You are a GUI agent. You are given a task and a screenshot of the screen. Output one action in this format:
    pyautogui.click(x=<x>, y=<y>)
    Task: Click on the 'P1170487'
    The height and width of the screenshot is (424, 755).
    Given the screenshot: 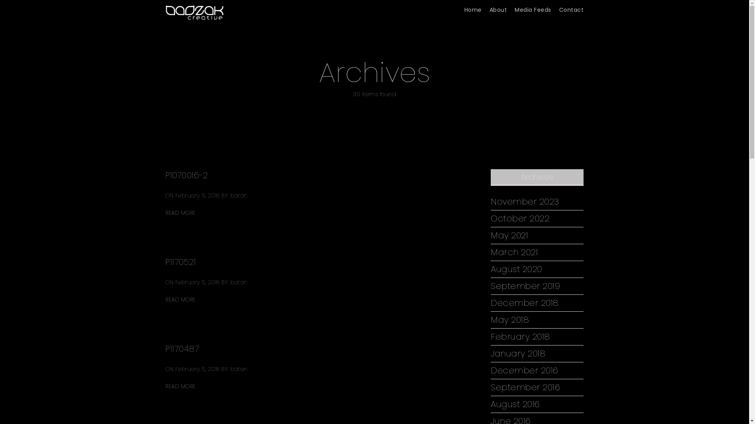 What is the action you would take?
    pyautogui.click(x=182, y=348)
    